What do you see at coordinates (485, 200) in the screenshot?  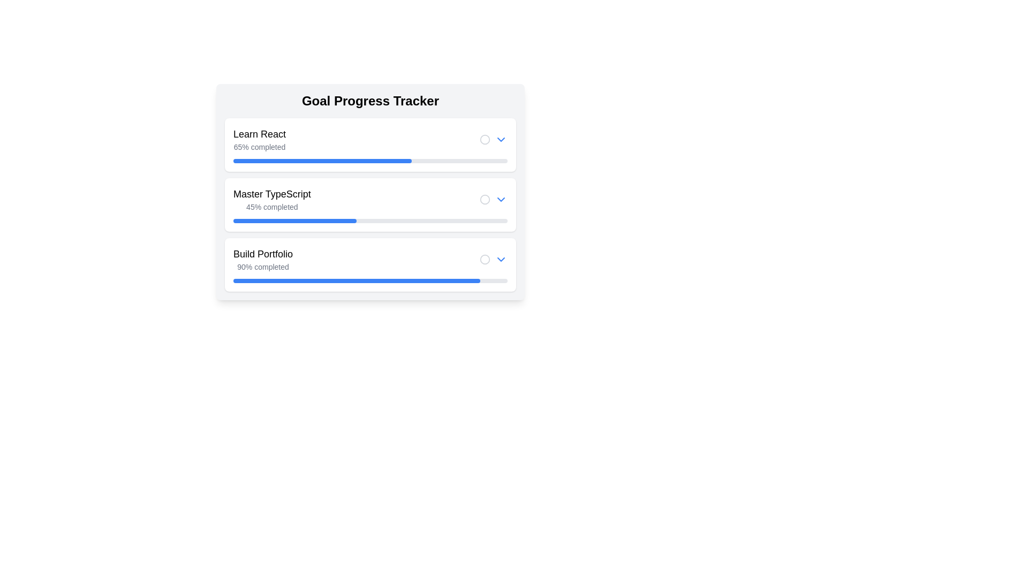 I see `the Circle icon in the 'Goal Progress Tracker' section, which serves as an inactive status indicator for the corresponding list item` at bounding box center [485, 200].